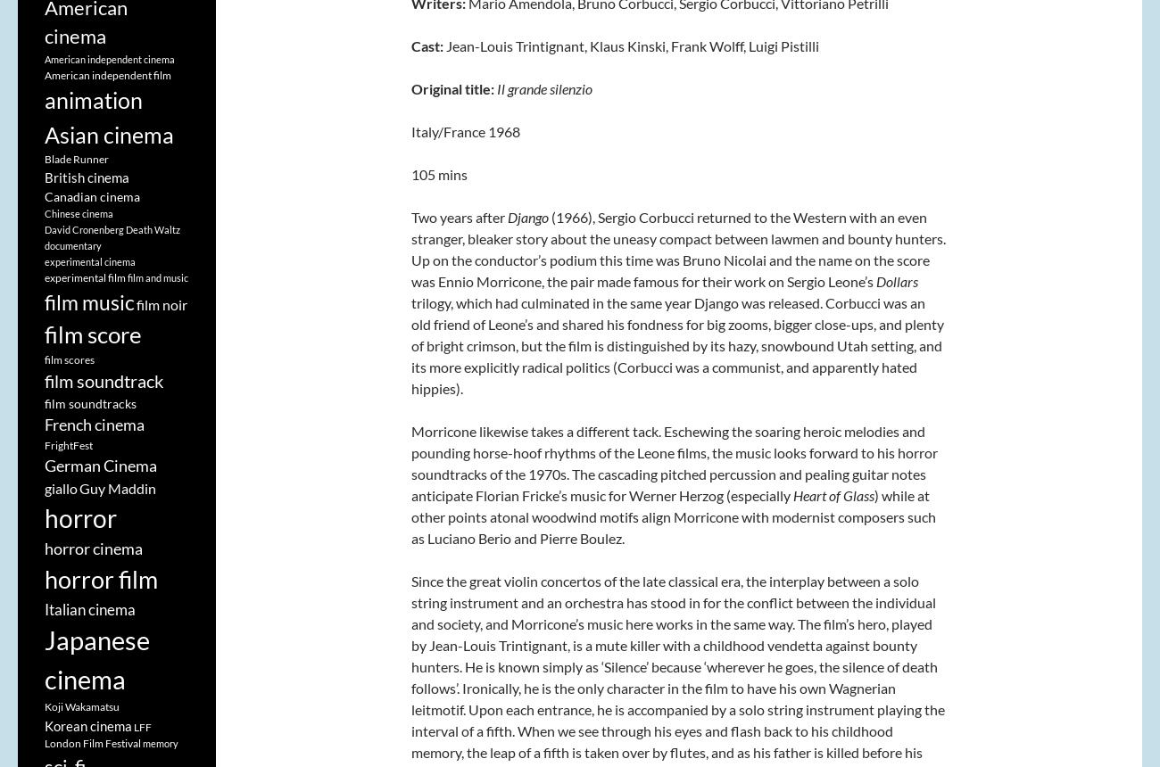 Image resolution: width=1160 pixels, height=767 pixels. Describe the element at coordinates (73, 244) in the screenshot. I see `'documentary'` at that location.